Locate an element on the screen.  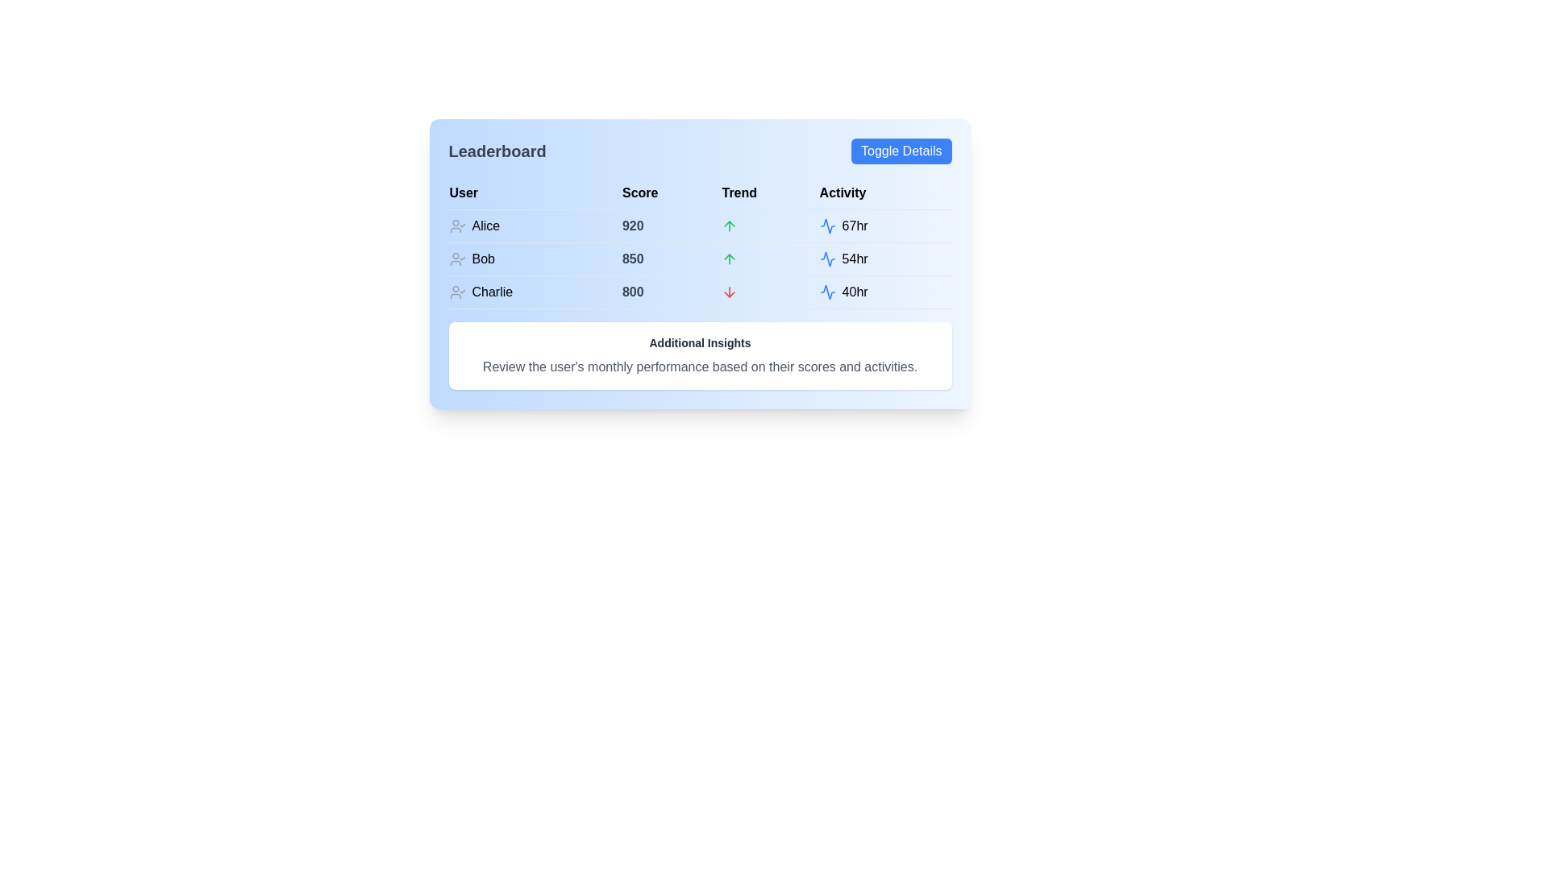
the trend and activity information in the leaderboard table row for user 'Bob', which includes a green upward arrow and the activity value of '54hr' is located at coordinates (700, 258).